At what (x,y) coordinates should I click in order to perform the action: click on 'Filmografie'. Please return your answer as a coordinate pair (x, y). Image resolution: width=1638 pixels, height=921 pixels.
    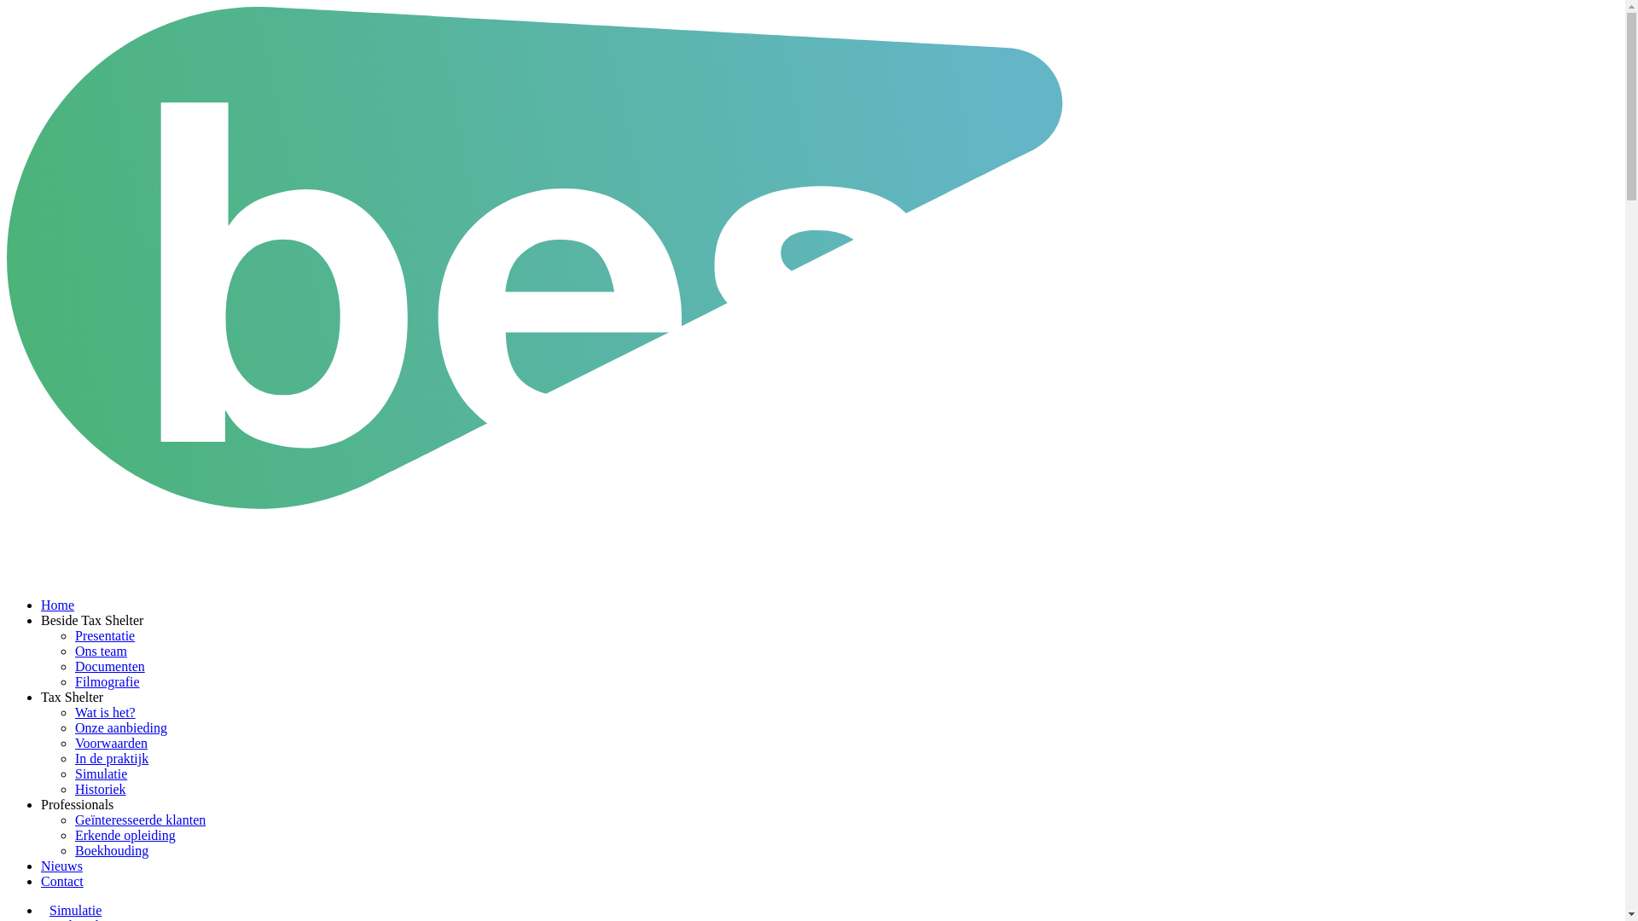
    Looking at the image, I should click on (106, 681).